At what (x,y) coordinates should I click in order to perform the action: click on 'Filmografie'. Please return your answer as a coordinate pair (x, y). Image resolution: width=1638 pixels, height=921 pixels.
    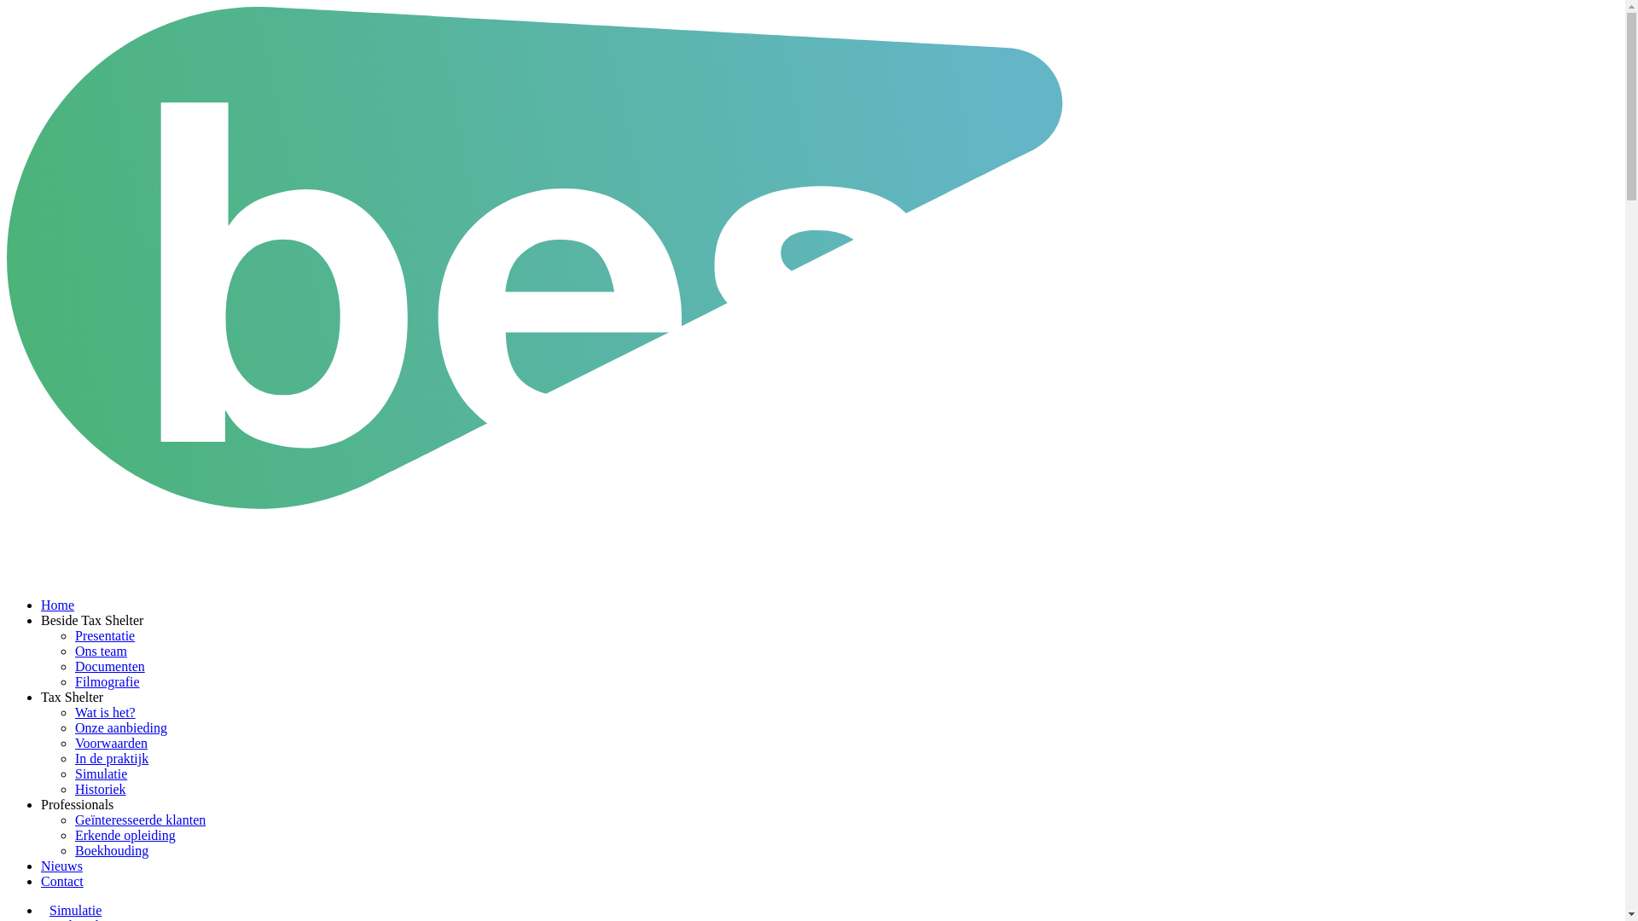
    Looking at the image, I should click on (106, 681).